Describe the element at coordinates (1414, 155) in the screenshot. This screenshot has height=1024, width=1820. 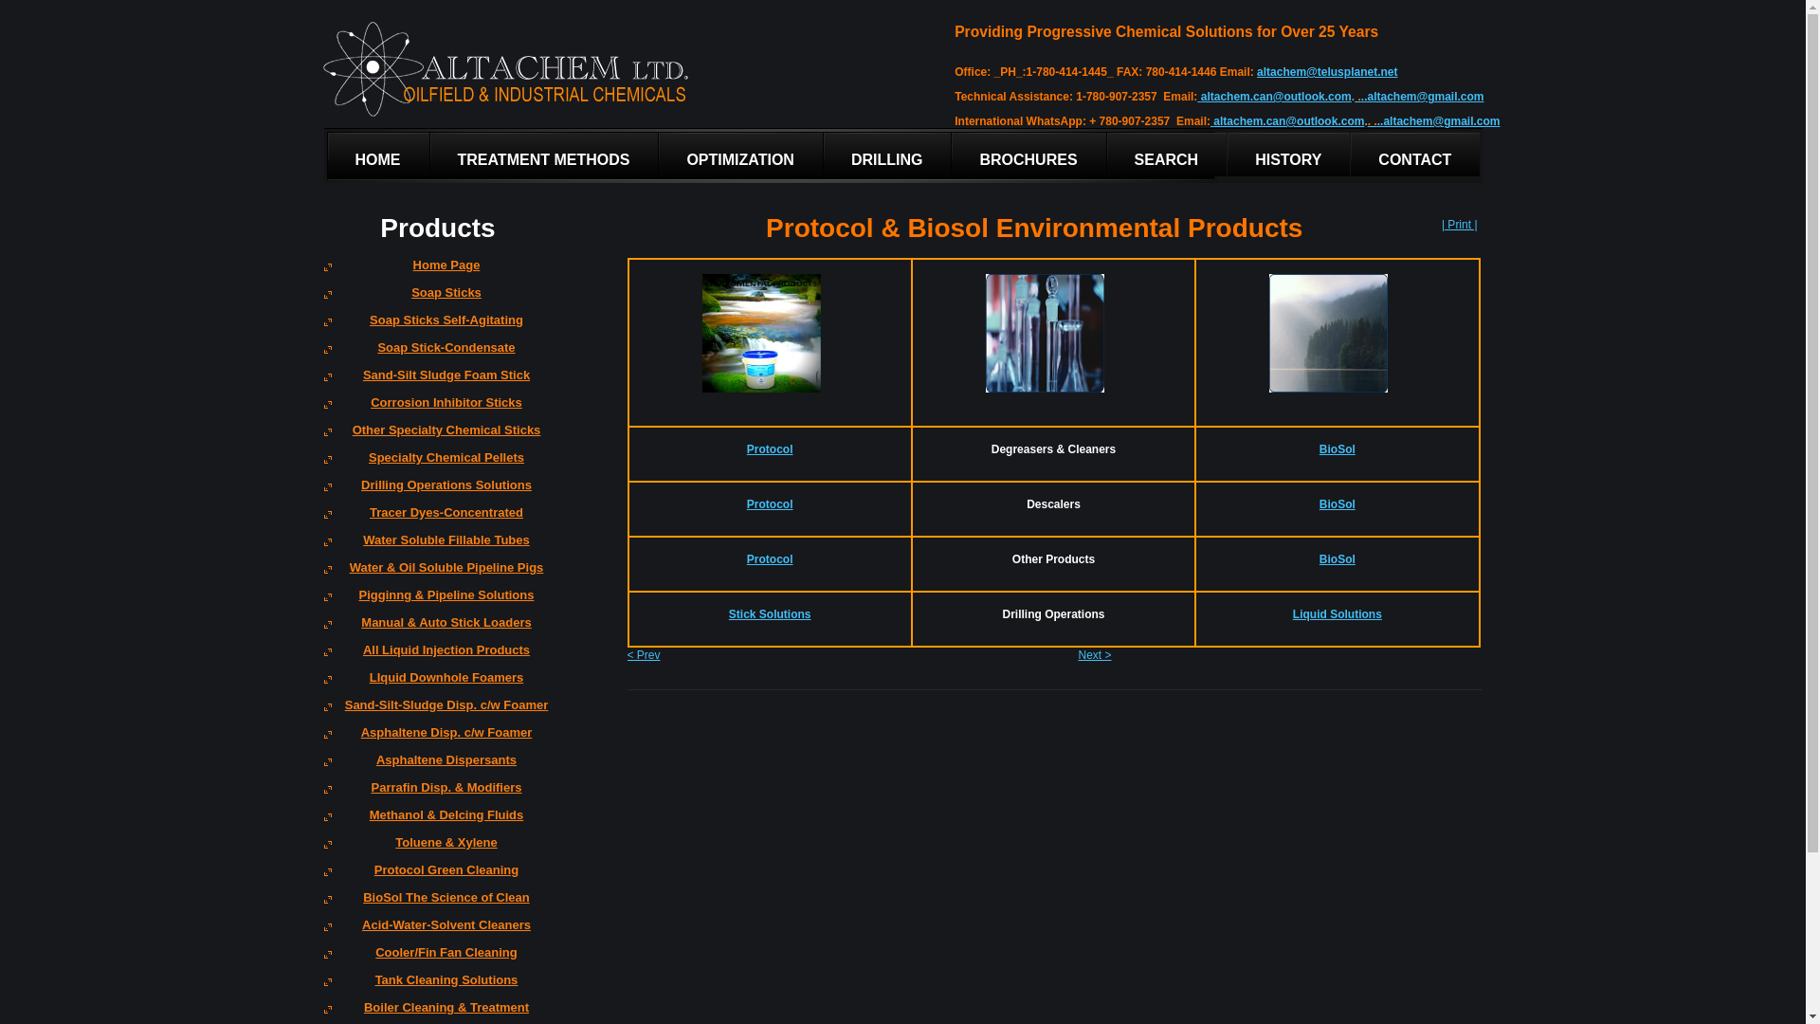
I see `'CONTACT'` at that location.